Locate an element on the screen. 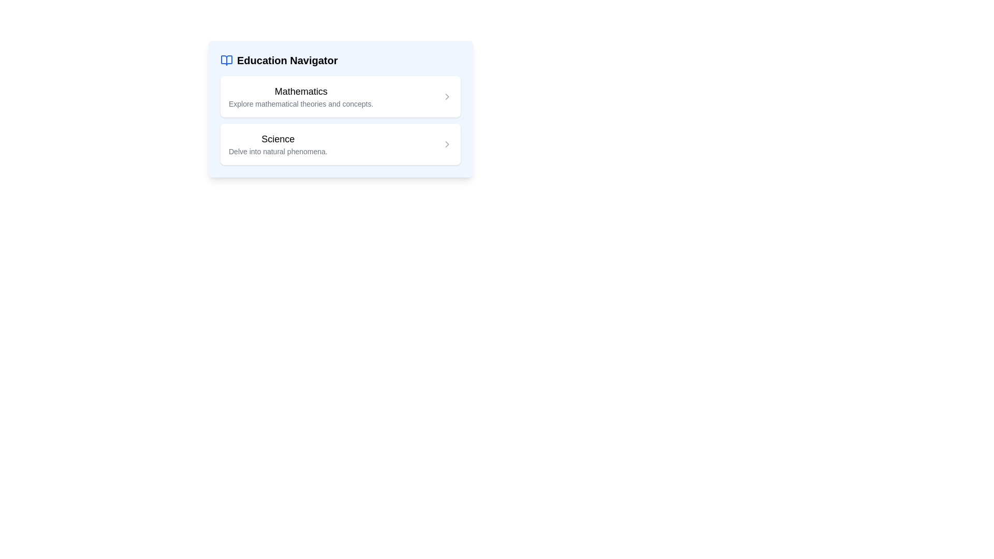 The image size is (994, 559). the descriptive text element that reads 'Explore mathematical theories and concepts.' displayed in muted gray color, located below the heading 'Mathematics' is located at coordinates (300, 104).